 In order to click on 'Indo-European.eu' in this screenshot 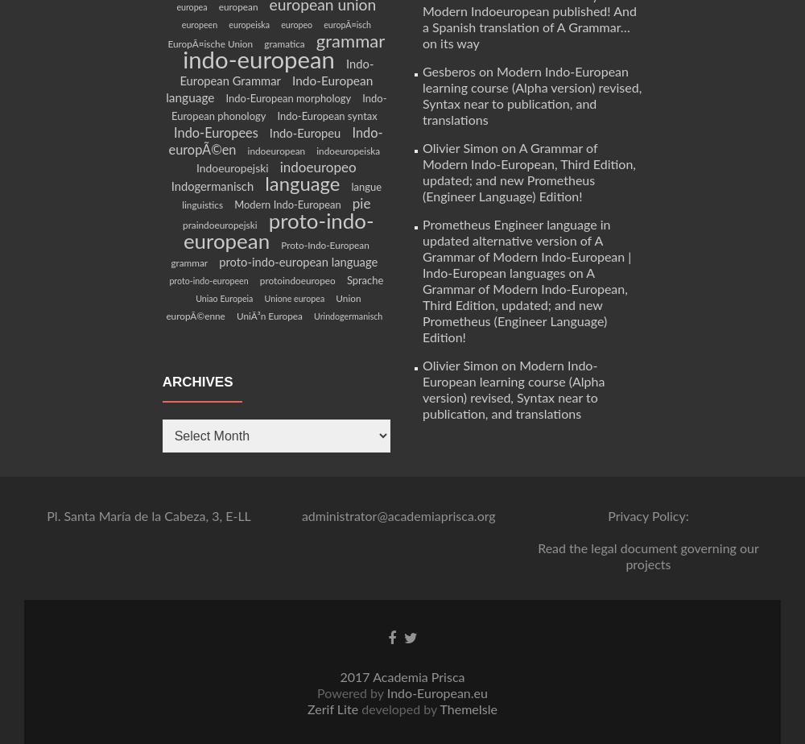, I will do `click(436, 692)`.